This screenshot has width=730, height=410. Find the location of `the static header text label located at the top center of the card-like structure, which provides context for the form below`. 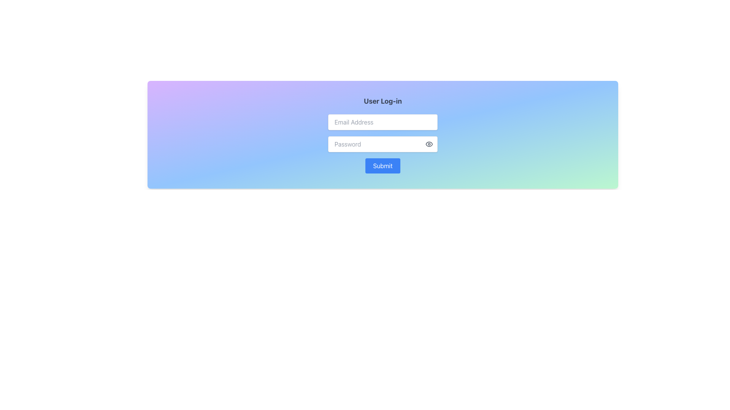

the static header text label located at the top center of the card-like structure, which provides context for the form below is located at coordinates (383, 101).